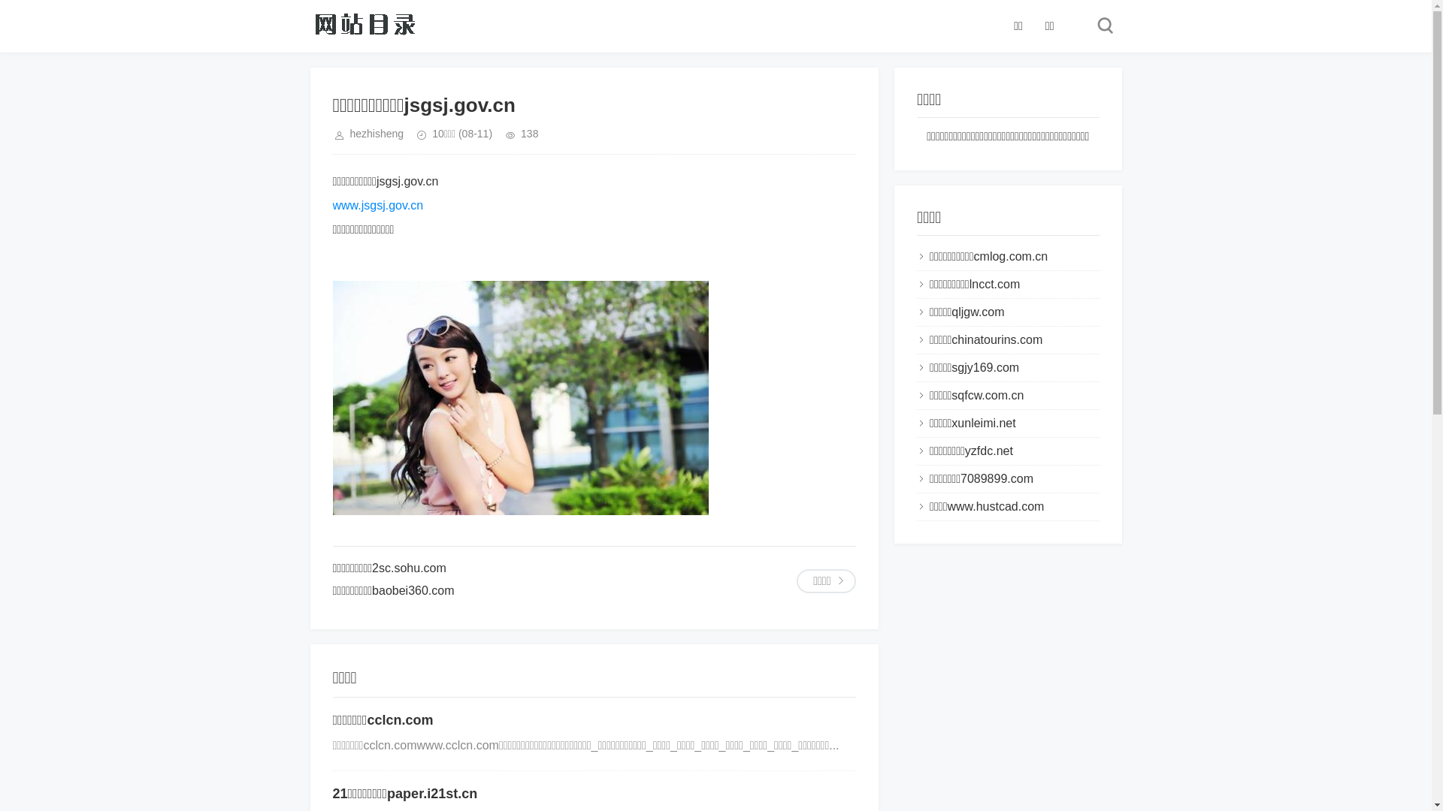 Image resolution: width=1443 pixels, height=811 pixels. Describe the element at coordinates (377, 205) in the screenshot. I see `'www.jsgsj.gov.cn'` at that location.